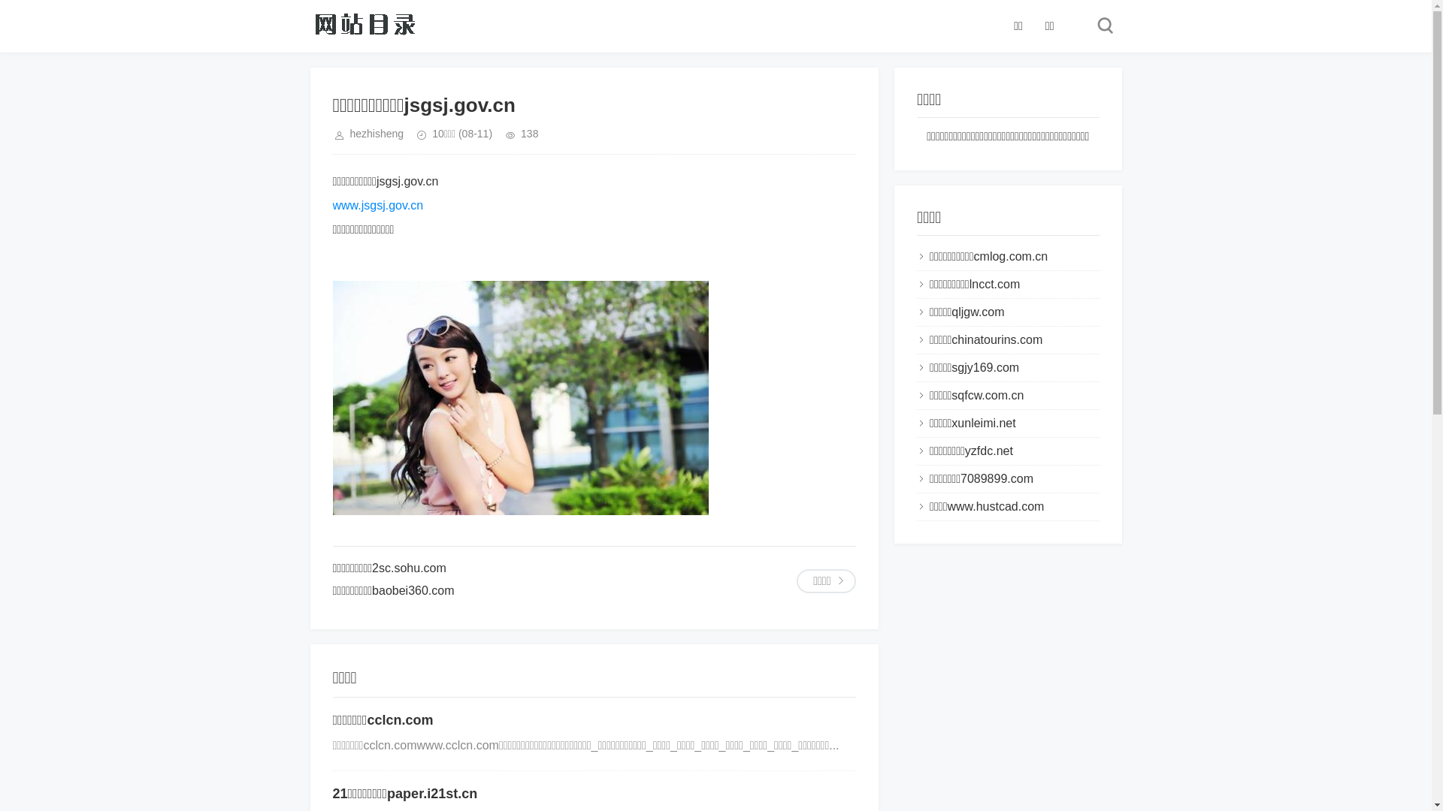 Image resolution: width=1443 pixels, height=811 pixels. Describe the element at coordinates (377, 205) in the screenshot. I see `'www.jsgsj.gov.cn'` at that location.